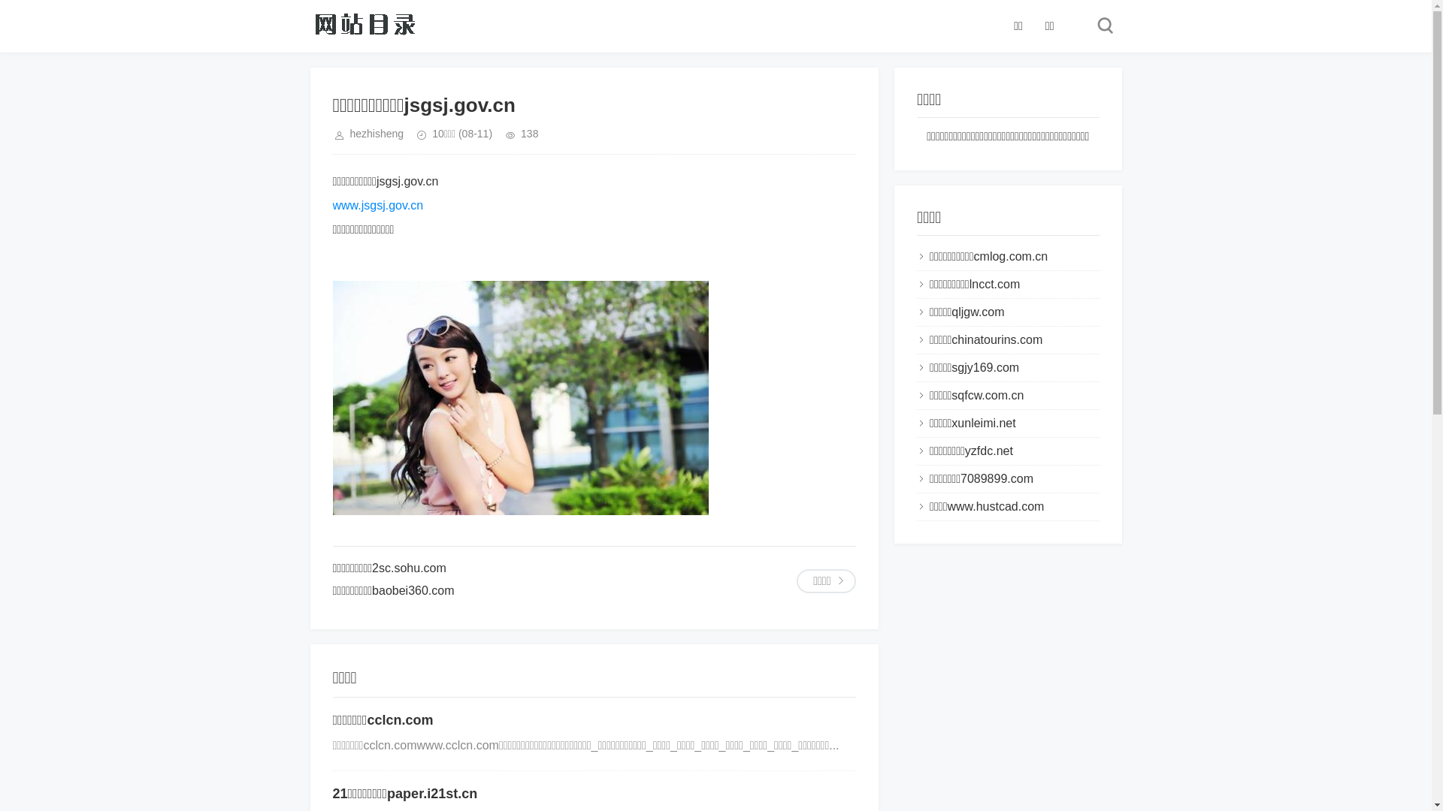 Image resolution: width=1443 pixels, height=811 pixels. Describe the element at coordinates (377, 205) in the screenshot. I see `'www.jsgsj.gov.cn'` at that location.